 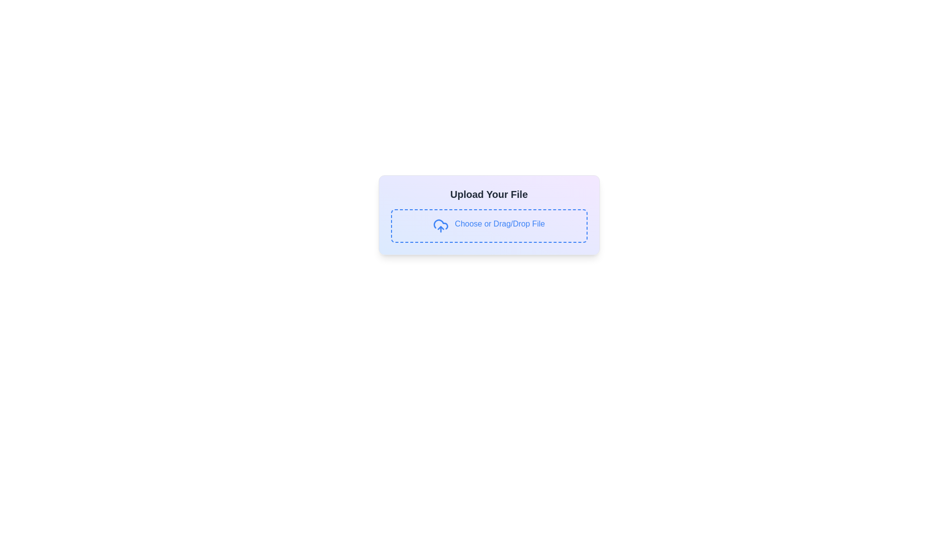 I want to click on and drop files onto the Dropzone/File Upload Area, which features a gradient background and a title reading 'Upload Your File', so click(x=489, y=214).